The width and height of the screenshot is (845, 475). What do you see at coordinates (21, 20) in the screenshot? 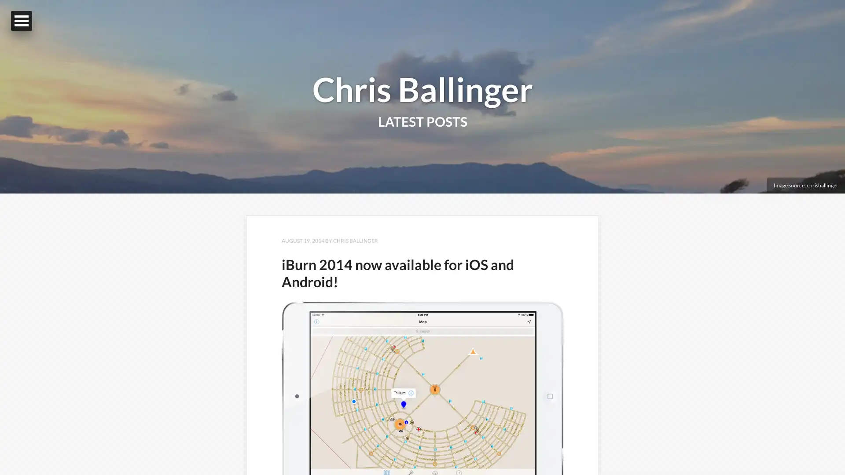
I see `Open Menu` at bounding box center [21, 20].